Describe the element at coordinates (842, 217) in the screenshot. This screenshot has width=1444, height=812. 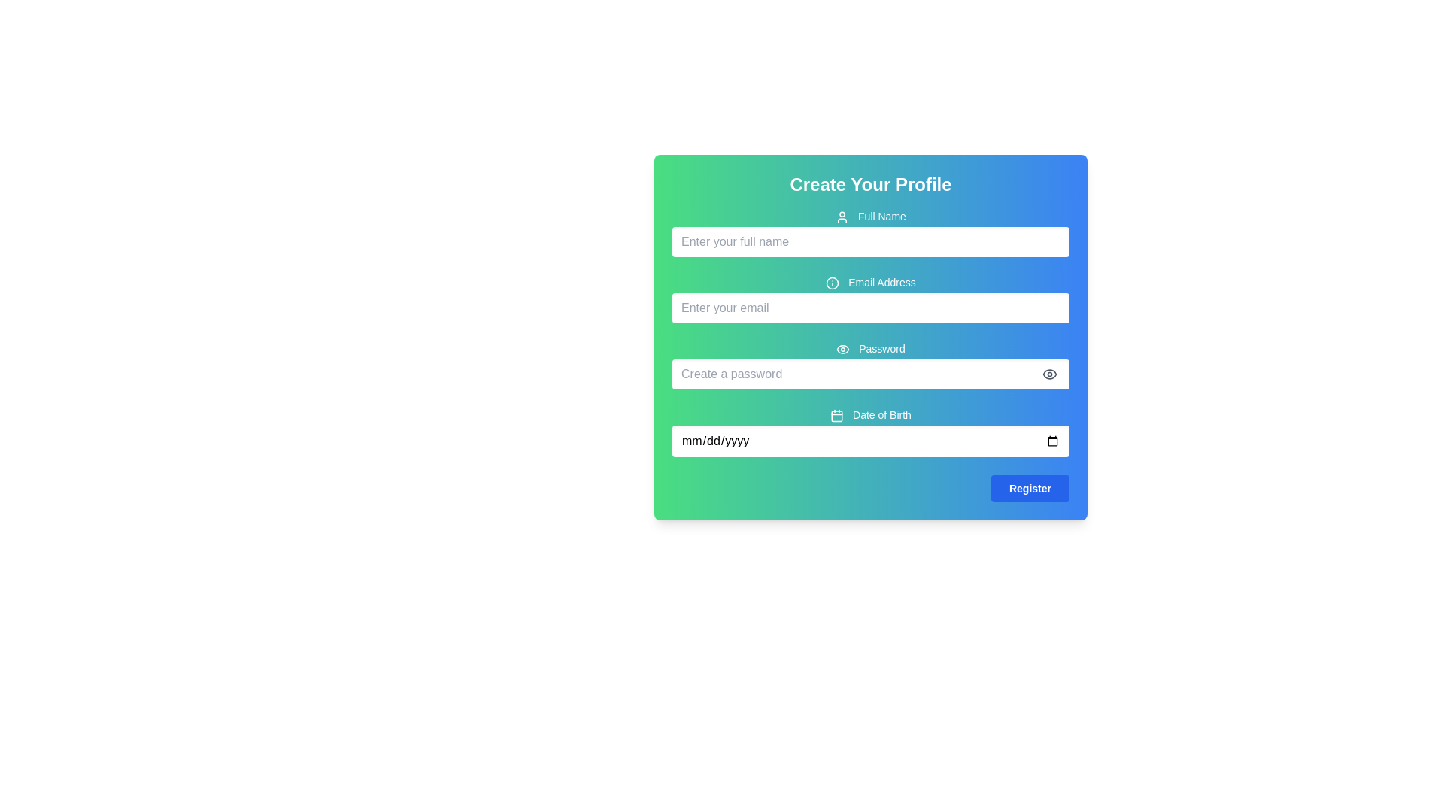
I see `the user profile icon located to the left of the 'Full Name' label at the top-left of the form area` at that location.